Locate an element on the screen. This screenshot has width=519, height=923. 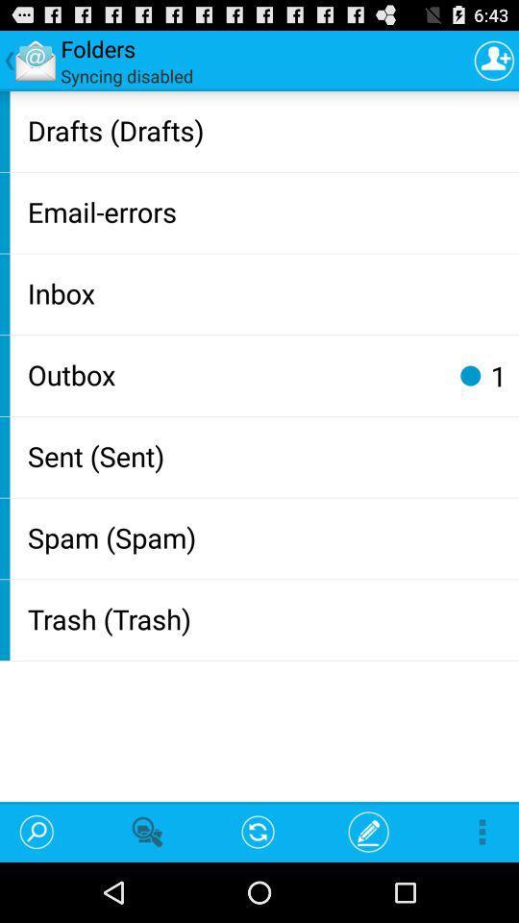
outbox app is located at coordinates (235, 373).